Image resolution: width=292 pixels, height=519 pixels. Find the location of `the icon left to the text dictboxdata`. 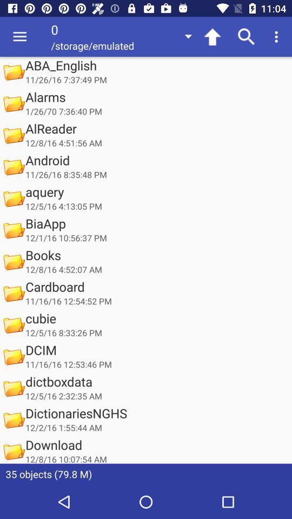

the icon left to the text dictboxdata is located at coordinates (13, 389).